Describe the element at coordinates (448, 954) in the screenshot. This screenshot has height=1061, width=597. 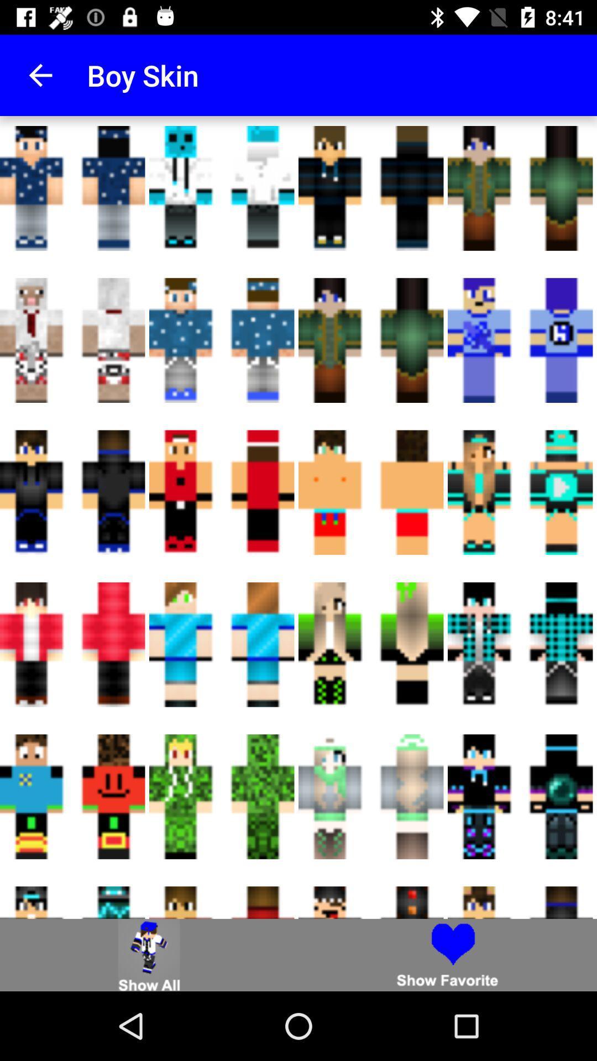
I see `show favorite skins` at that location.